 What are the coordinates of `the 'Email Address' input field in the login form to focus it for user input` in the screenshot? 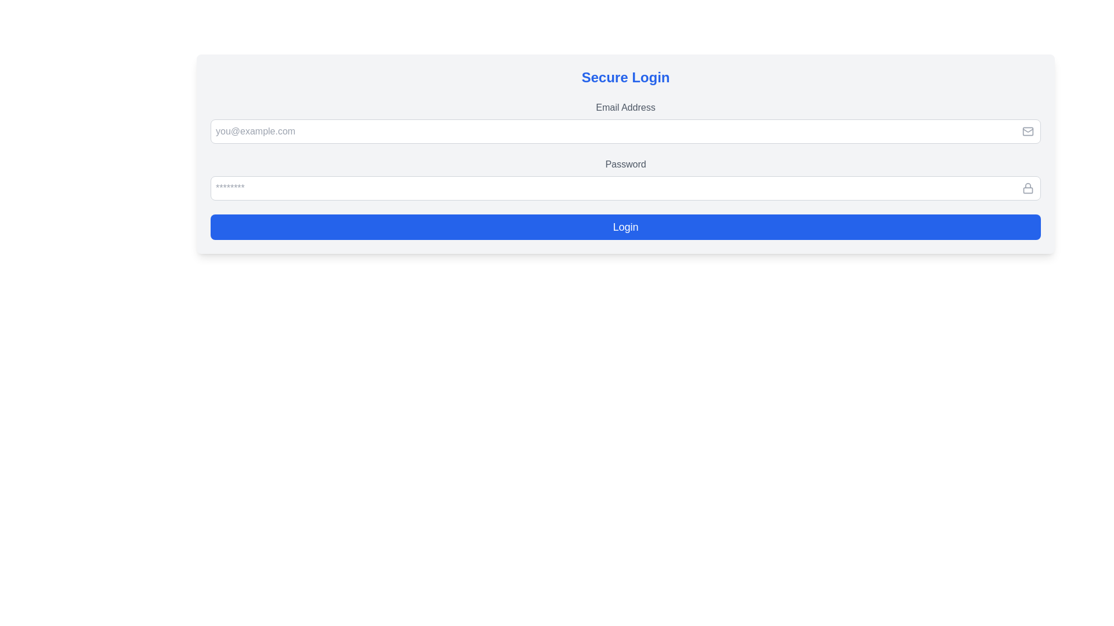 It's located at (625, 122).